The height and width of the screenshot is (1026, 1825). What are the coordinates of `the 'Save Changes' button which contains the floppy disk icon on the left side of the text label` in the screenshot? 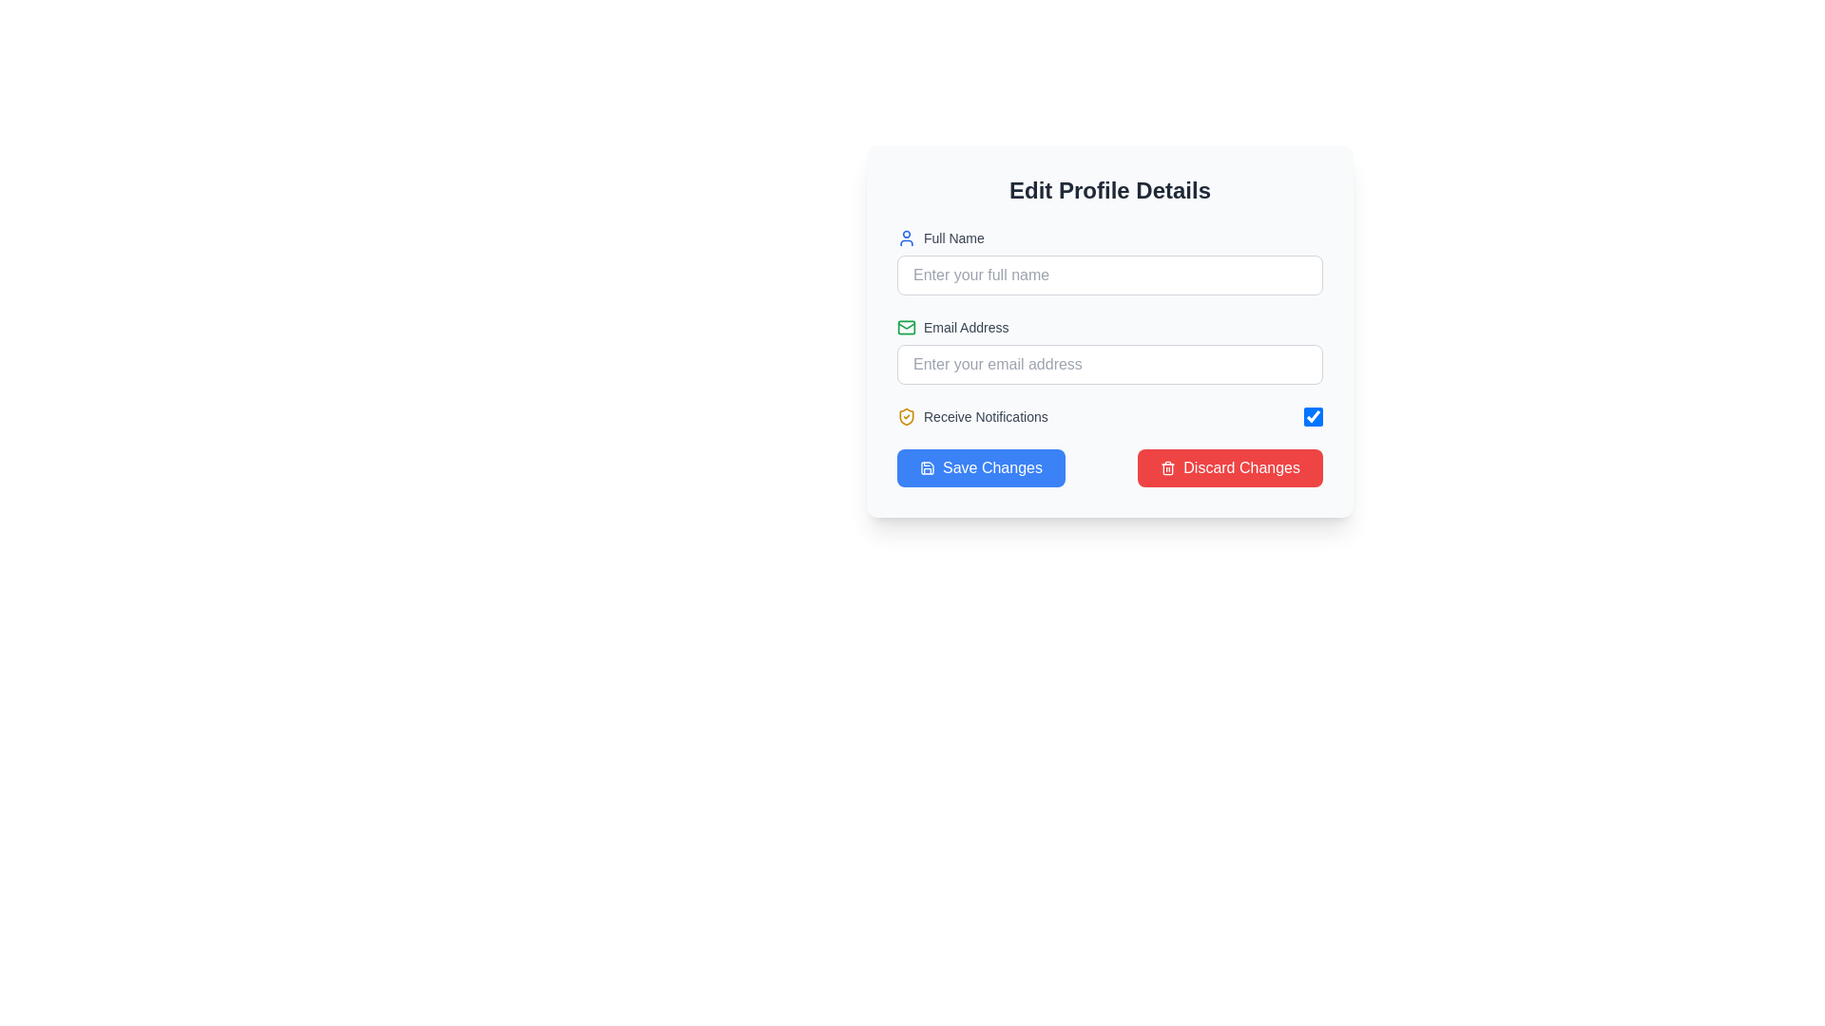 It's located at (927, 468).